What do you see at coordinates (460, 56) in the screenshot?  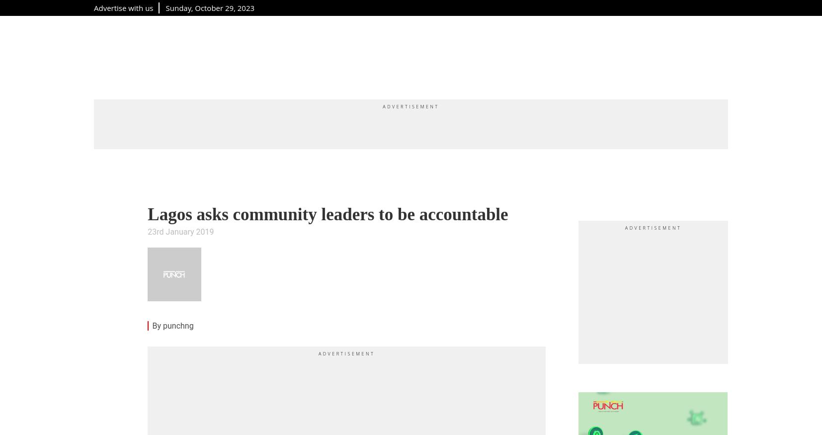 I see `'Business'` at bounding box center [460, 56].